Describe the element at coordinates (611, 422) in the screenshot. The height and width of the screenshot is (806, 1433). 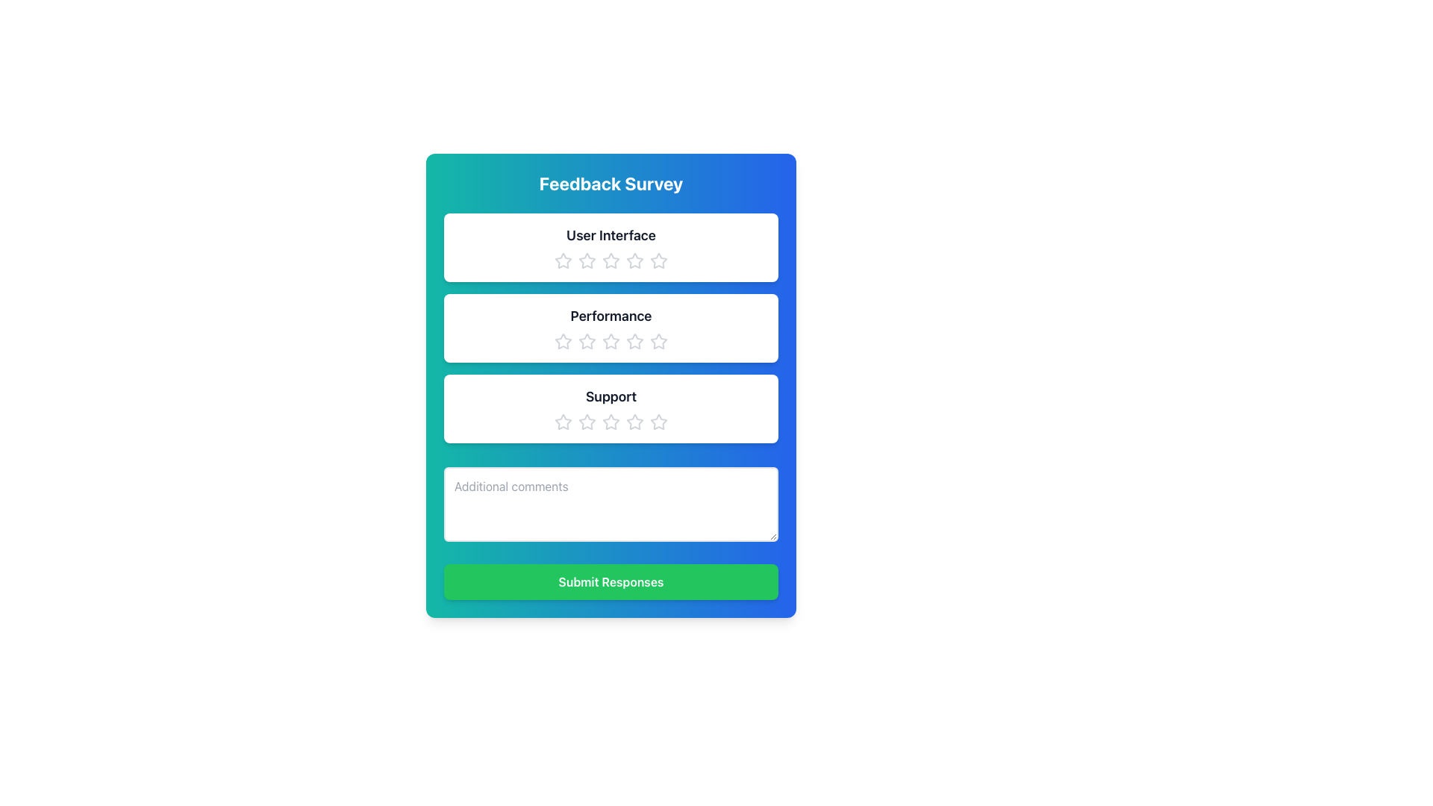
I see `the specific star in the Rating stars group for the 'Support' section of the feedback survey` at that location.